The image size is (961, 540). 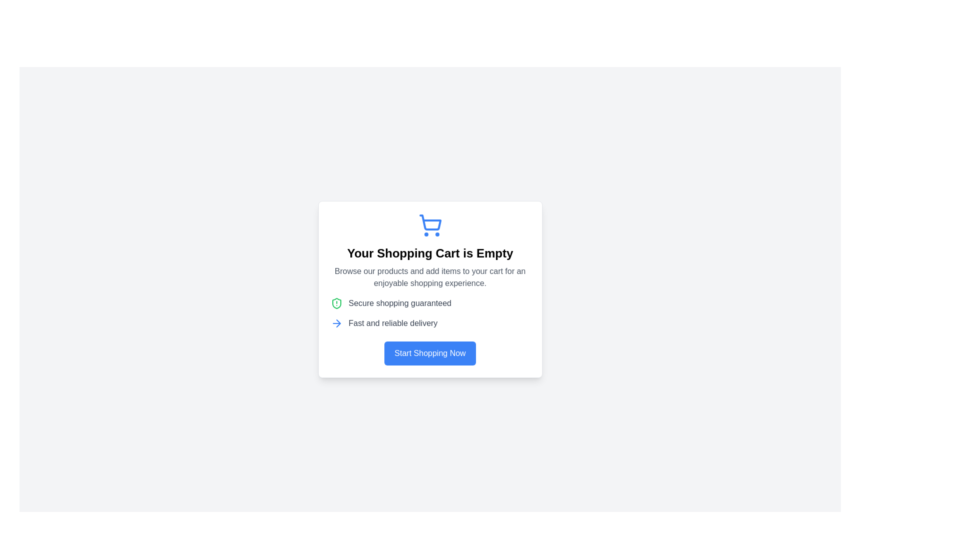 What do you see at coordinates (336, 302) in the screenshot?
I see `the stylized shield icon with a green border, positioned to the left of the text 'Secure shopping guaranteed'` at bounding box center [336, 302].